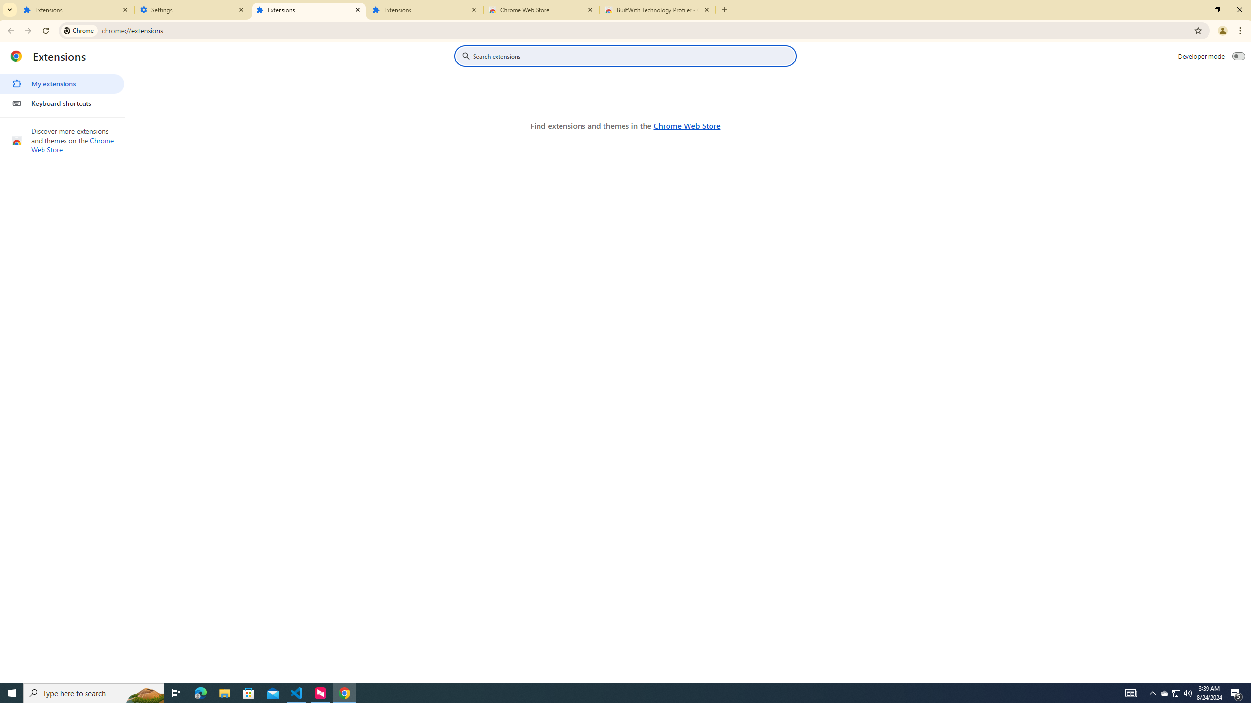 This screenshot has width=1251, height=703. Describe the element at coordinates (308, 9) in the screenshot. I see `'Extensions'` at that location.